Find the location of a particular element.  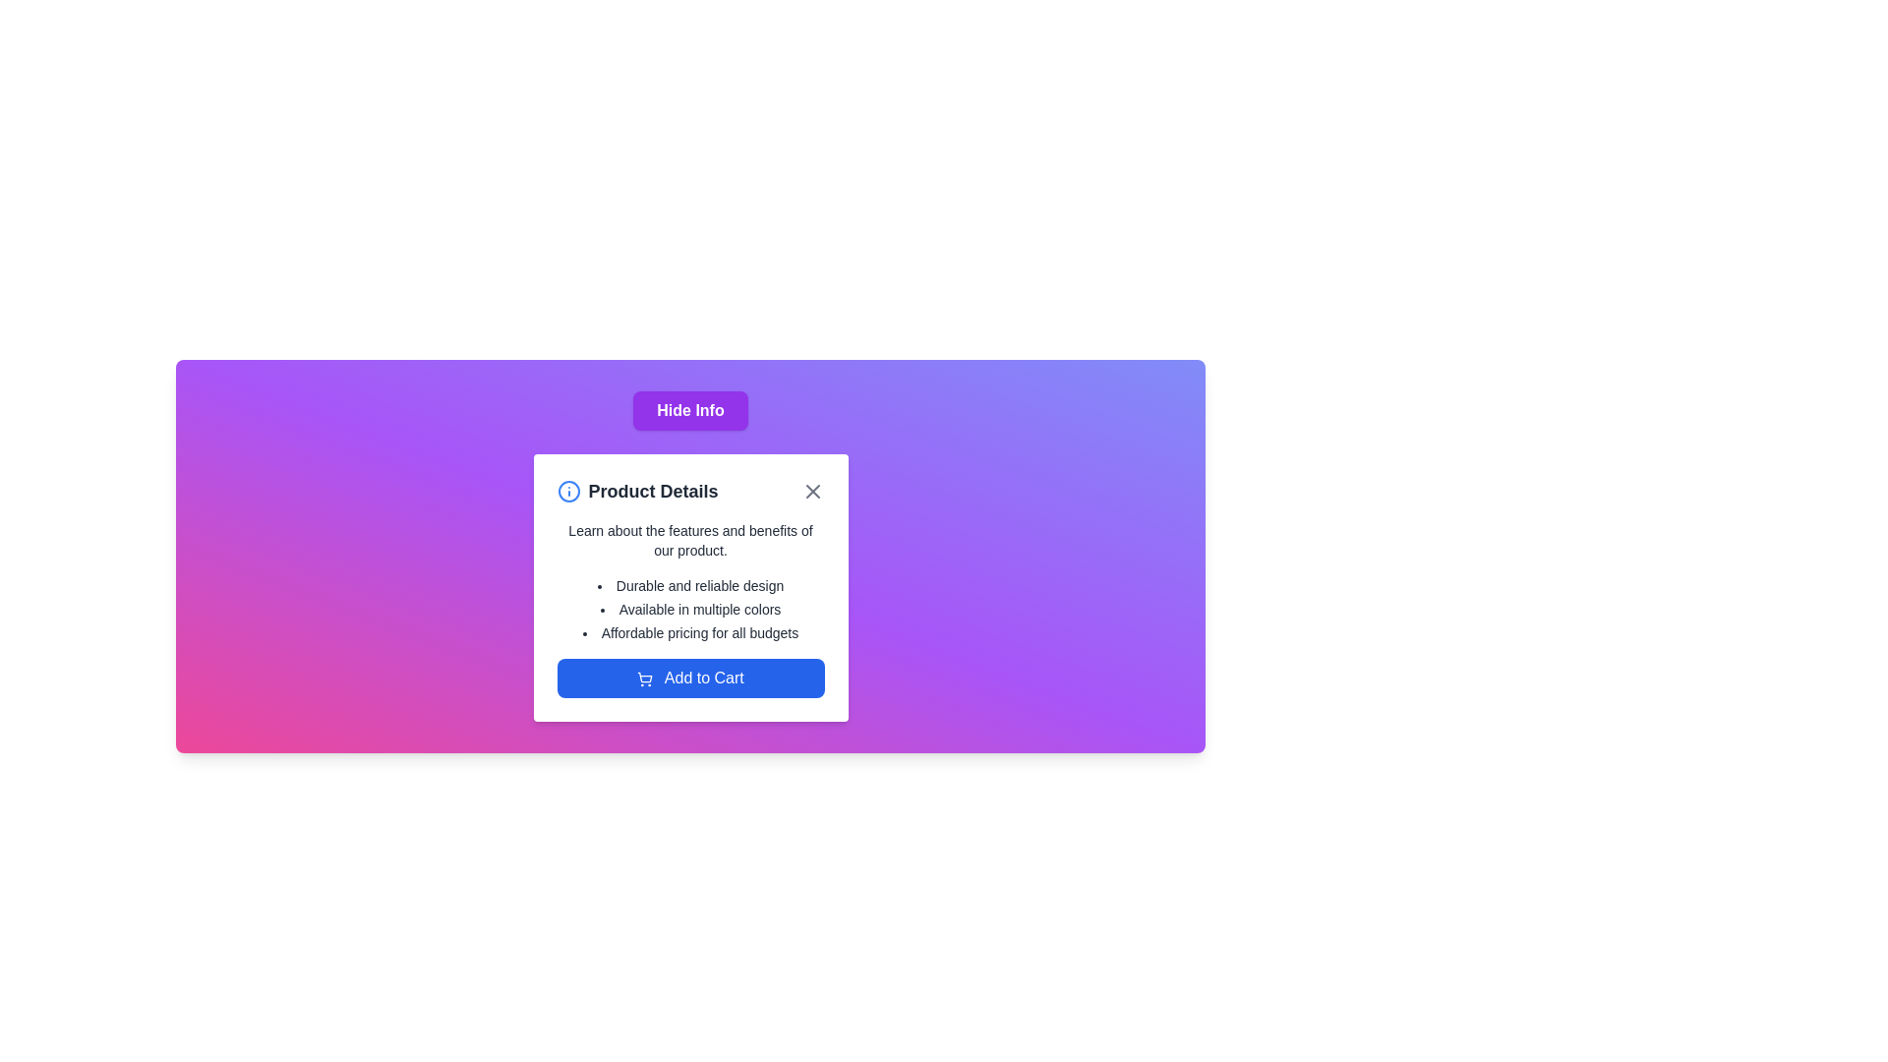

the close button (SVG icon) located on the far right side of the title bar above the 'Product Details' section is located at coordinates (812, 491).